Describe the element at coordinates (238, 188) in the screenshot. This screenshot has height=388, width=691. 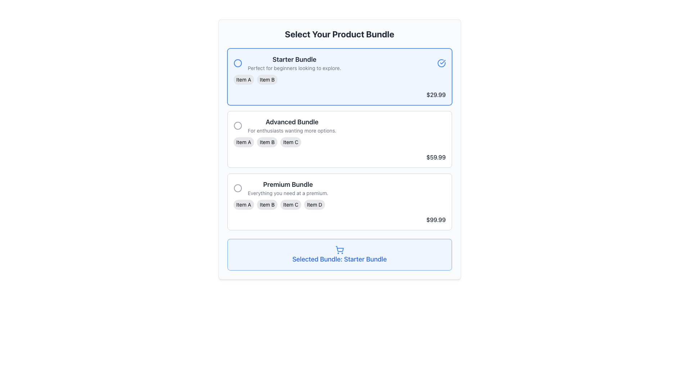
I see `the circular icon` at that location.